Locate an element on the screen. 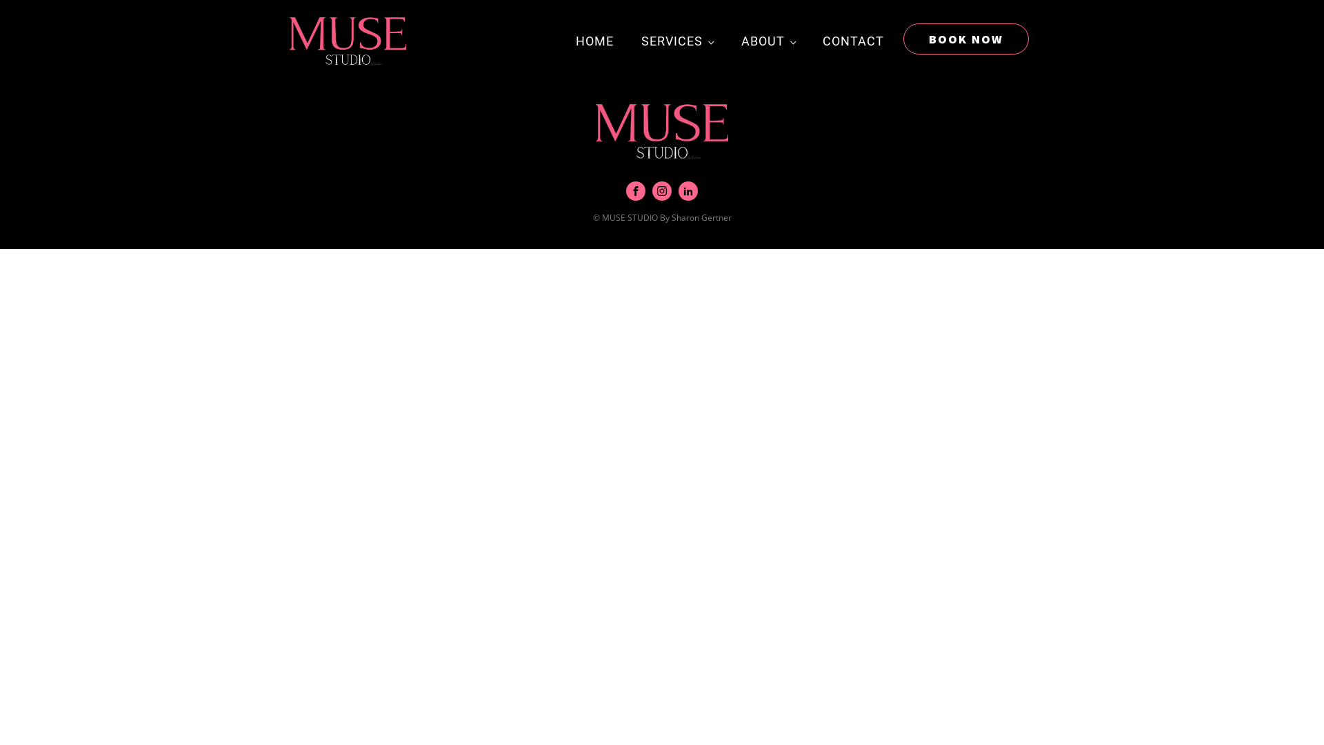 The width and height of the screenshot is (1324, 745). 'SERVICES' is located at coordinates (677, 41).